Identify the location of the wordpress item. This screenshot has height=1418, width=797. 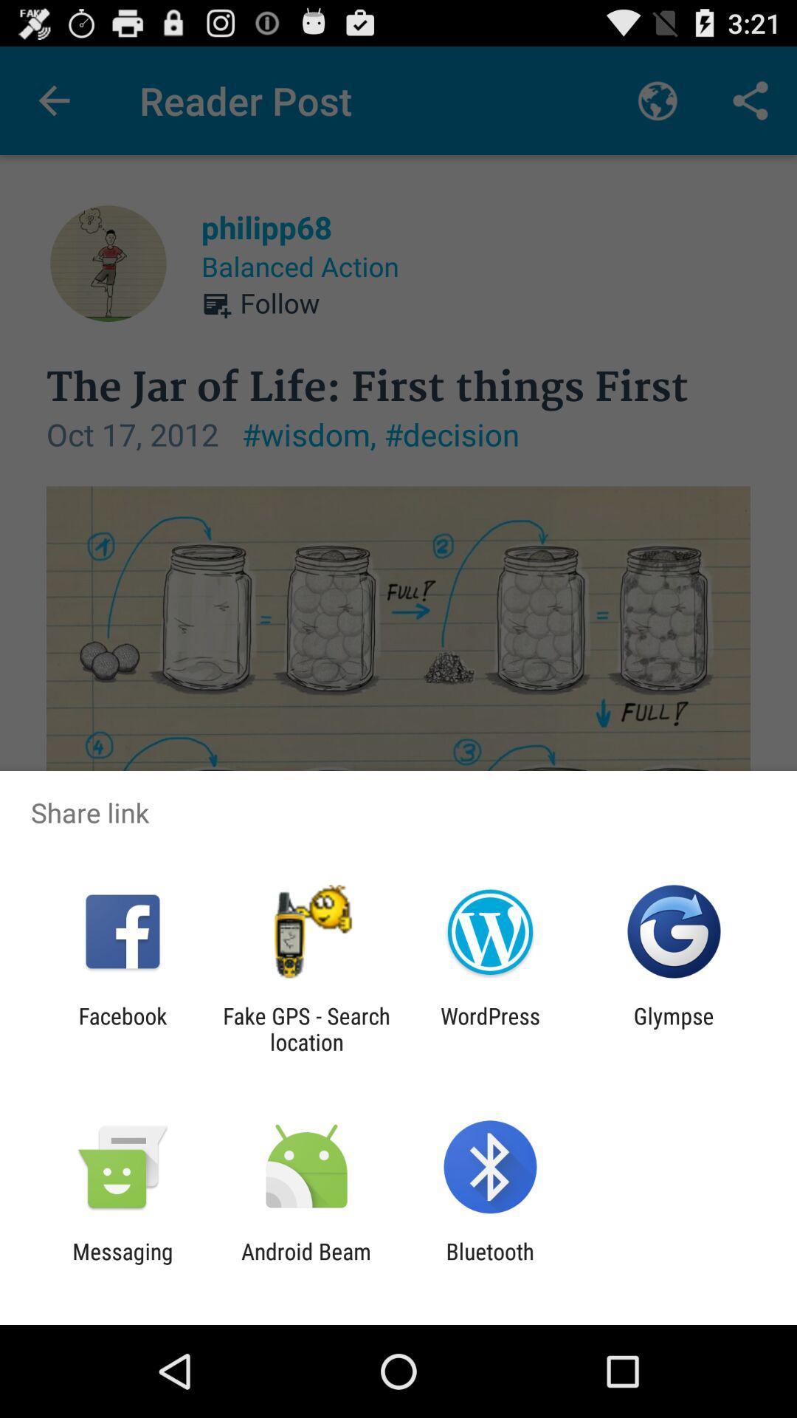
(490, 1028).